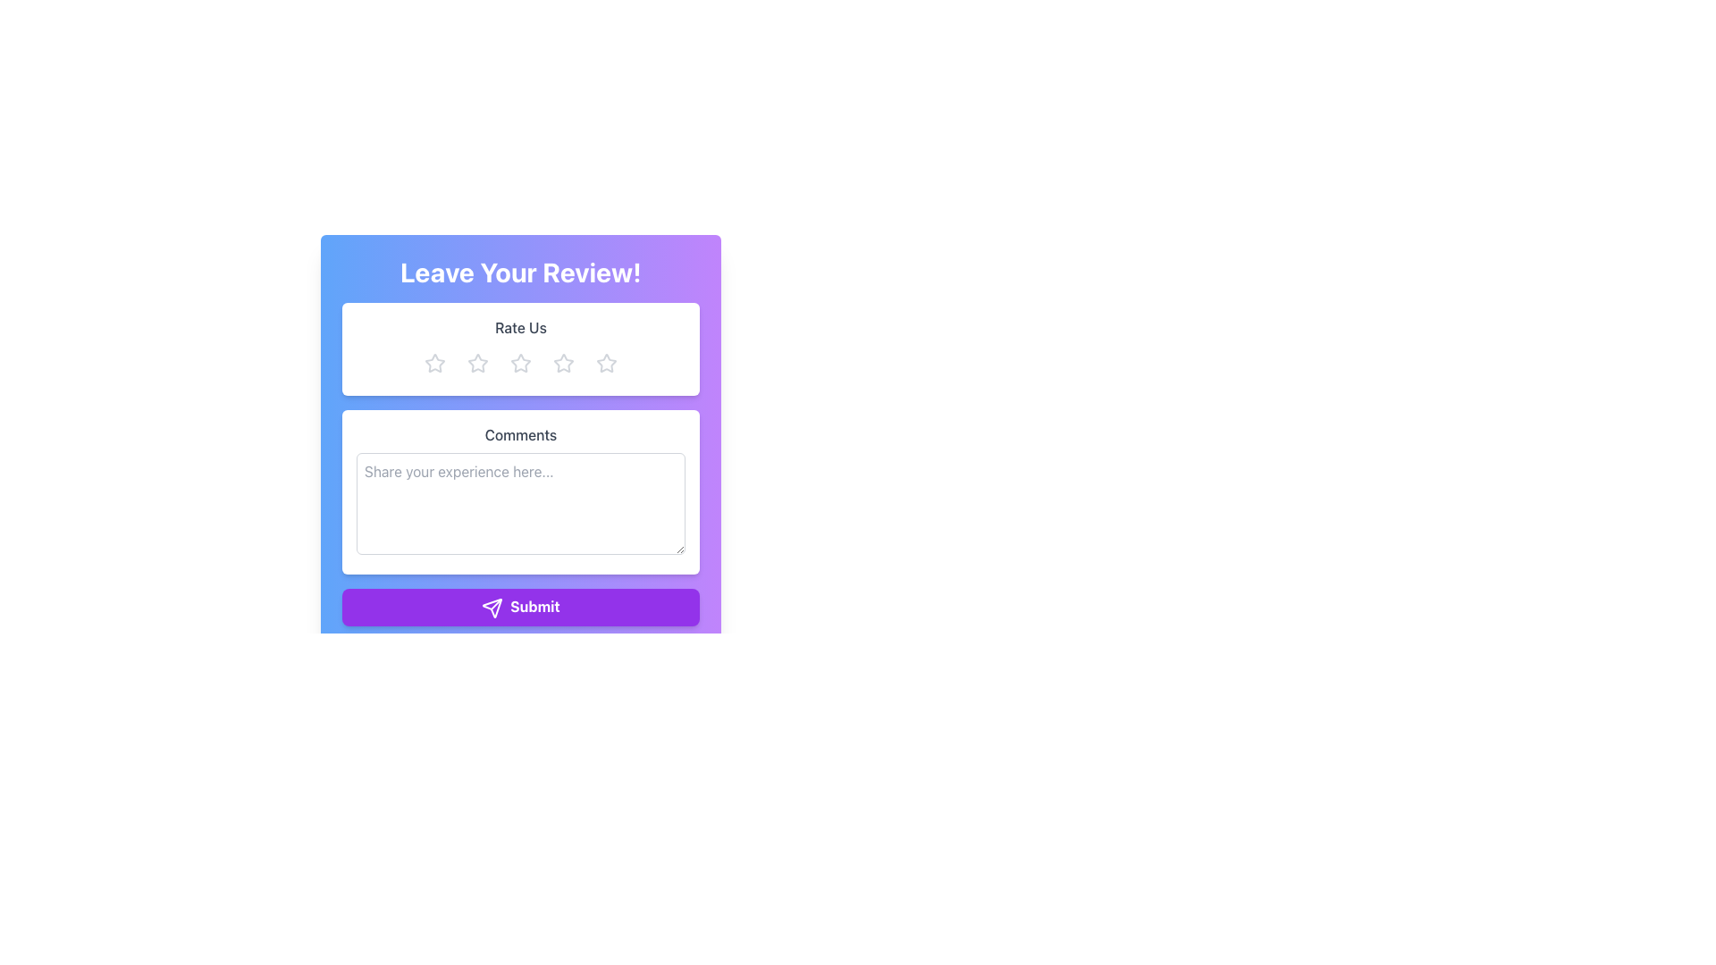 This screenshot has width=1716, height=965. I want to click on the third star icon with a gray outline under the 'Rate Us' label, so click(562, 363).